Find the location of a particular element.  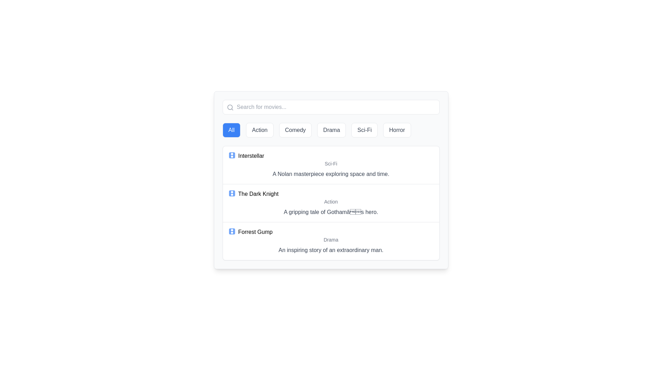

the 'Sci-Fi' button, which is the fifth button in a row of six, styled with a white background and gray text is located at coordinates (364, 130).